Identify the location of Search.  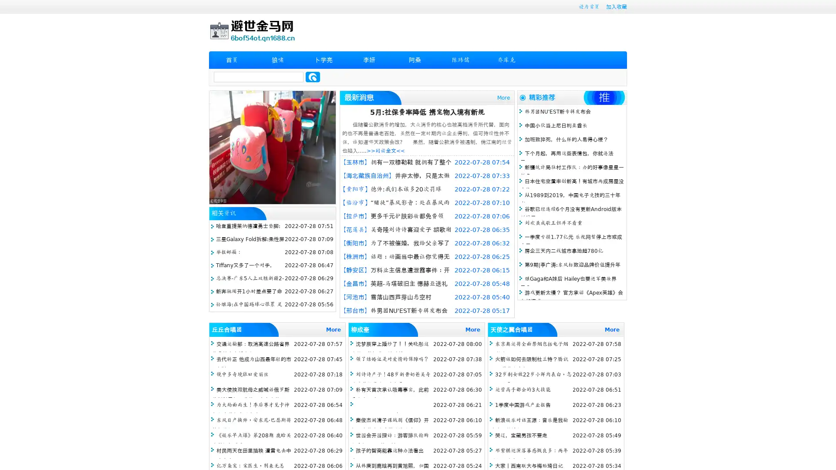
(313, 77).